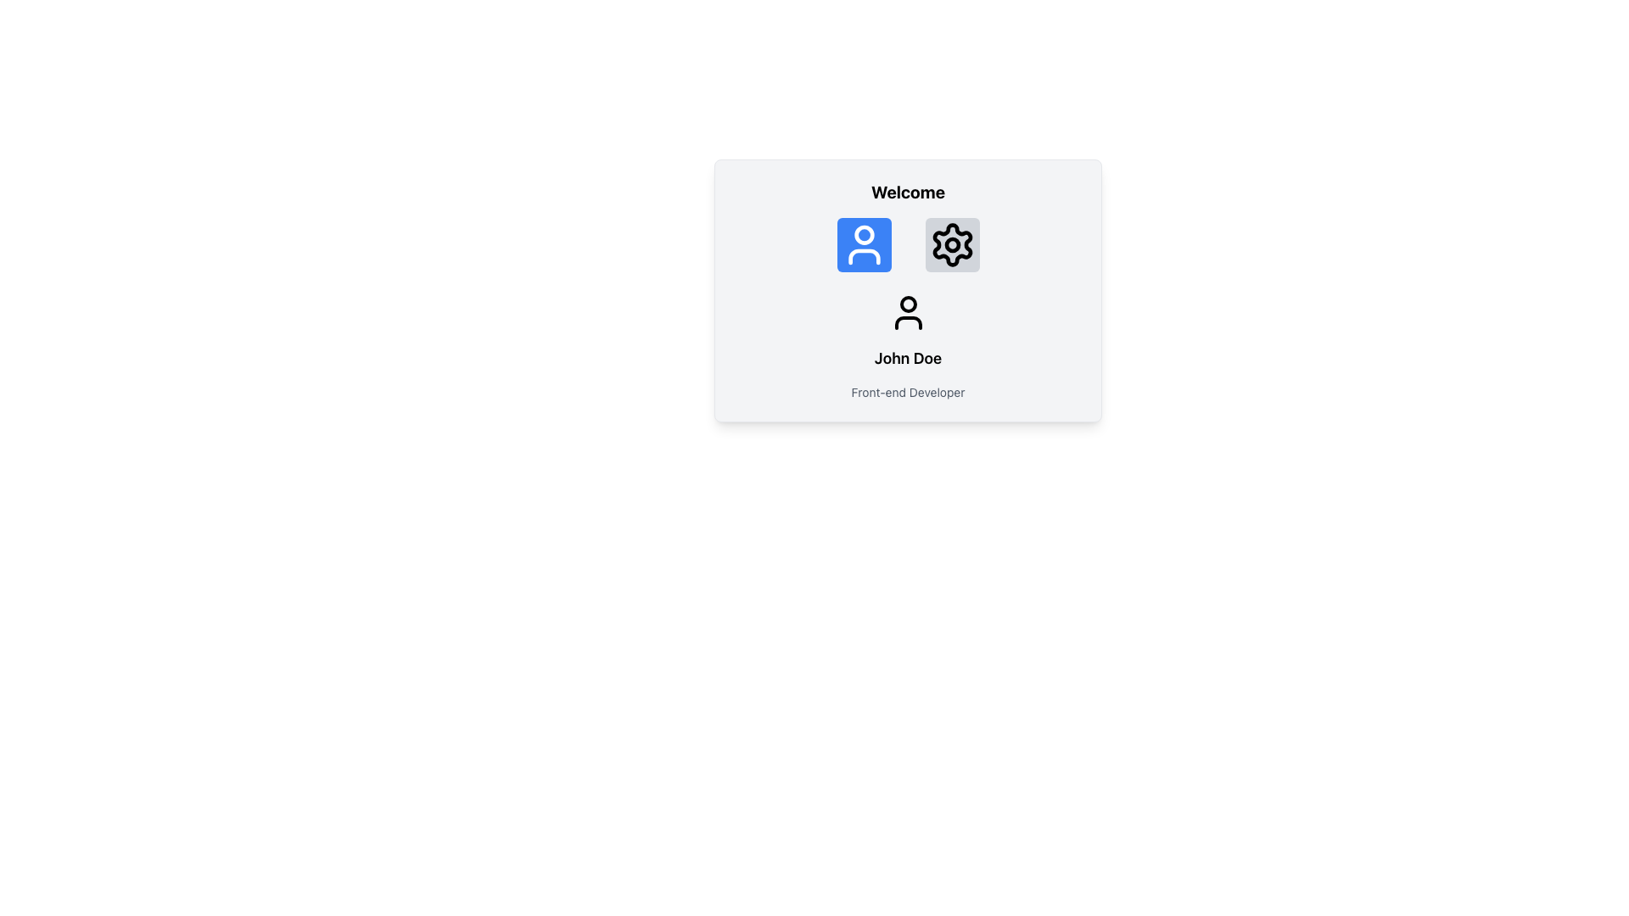 This screenshot has height=916, width=1629. I want to click on the user profile icon, which is a square button with rounded edges and a bright blue background containing a white silhouette of a user, so click(864, 245).